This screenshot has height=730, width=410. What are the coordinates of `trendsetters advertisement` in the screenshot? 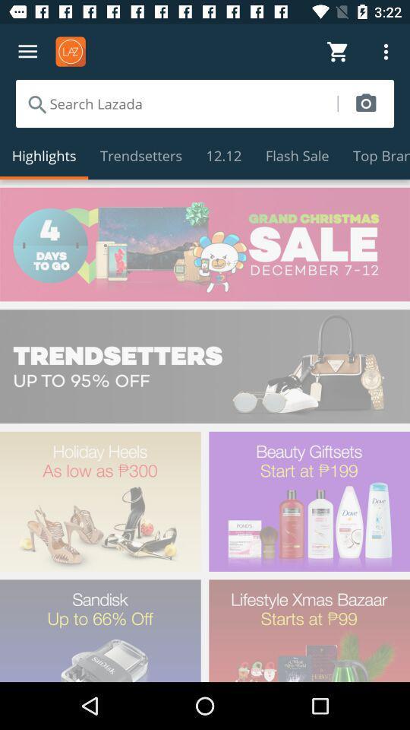 It's located at (205, 366).